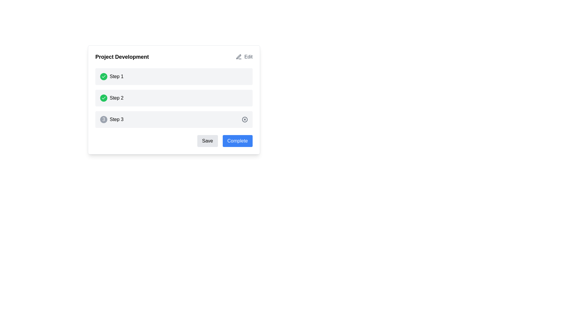 The width and height of the screenshot is (574, 322). Describe the element at coordinates (245, 120) in the screenshot. I see `the SVG circle element that is part of a decorative 'cancel' or 'remove' icon, located near the right edge of the third step of a task list` at that location.